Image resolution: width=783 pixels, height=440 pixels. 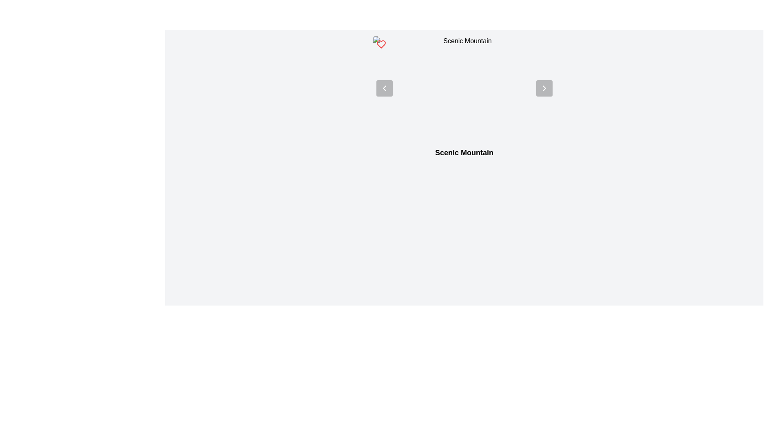 I want to click on the red heart icon to like or favorite it, which is located near the top left section of the interface adjacent to an image thumbnail and a textual label reading 'Scenic Mountain', so click(x=380, y=44).